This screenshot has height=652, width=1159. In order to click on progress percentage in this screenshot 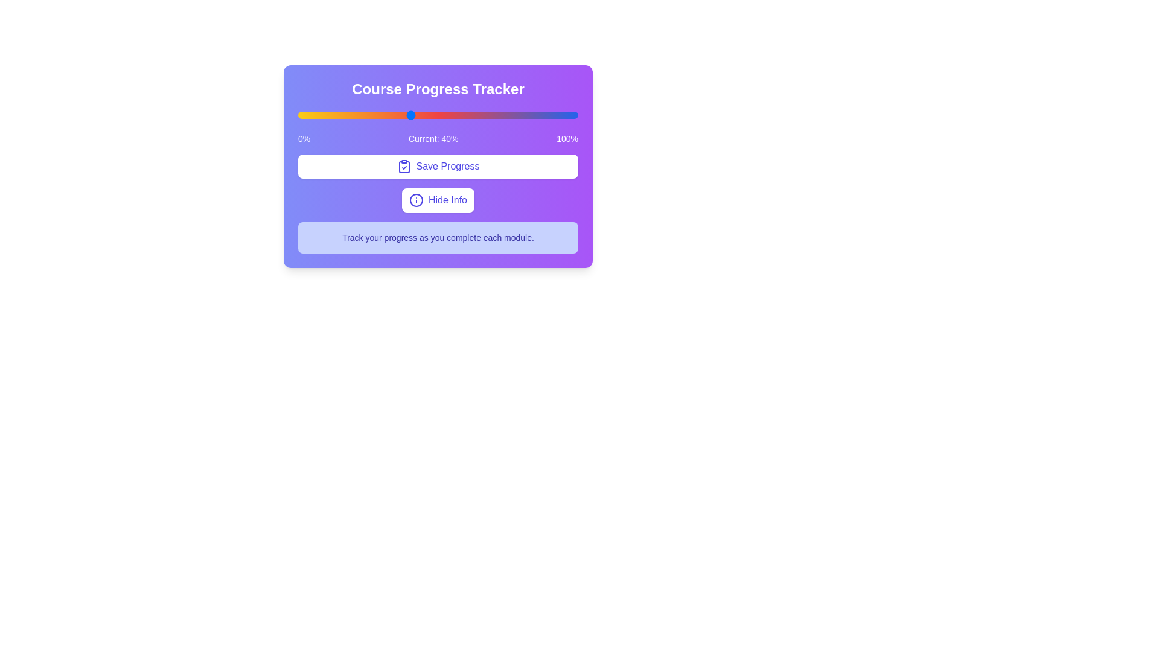, I will do `click(306, 115)`.